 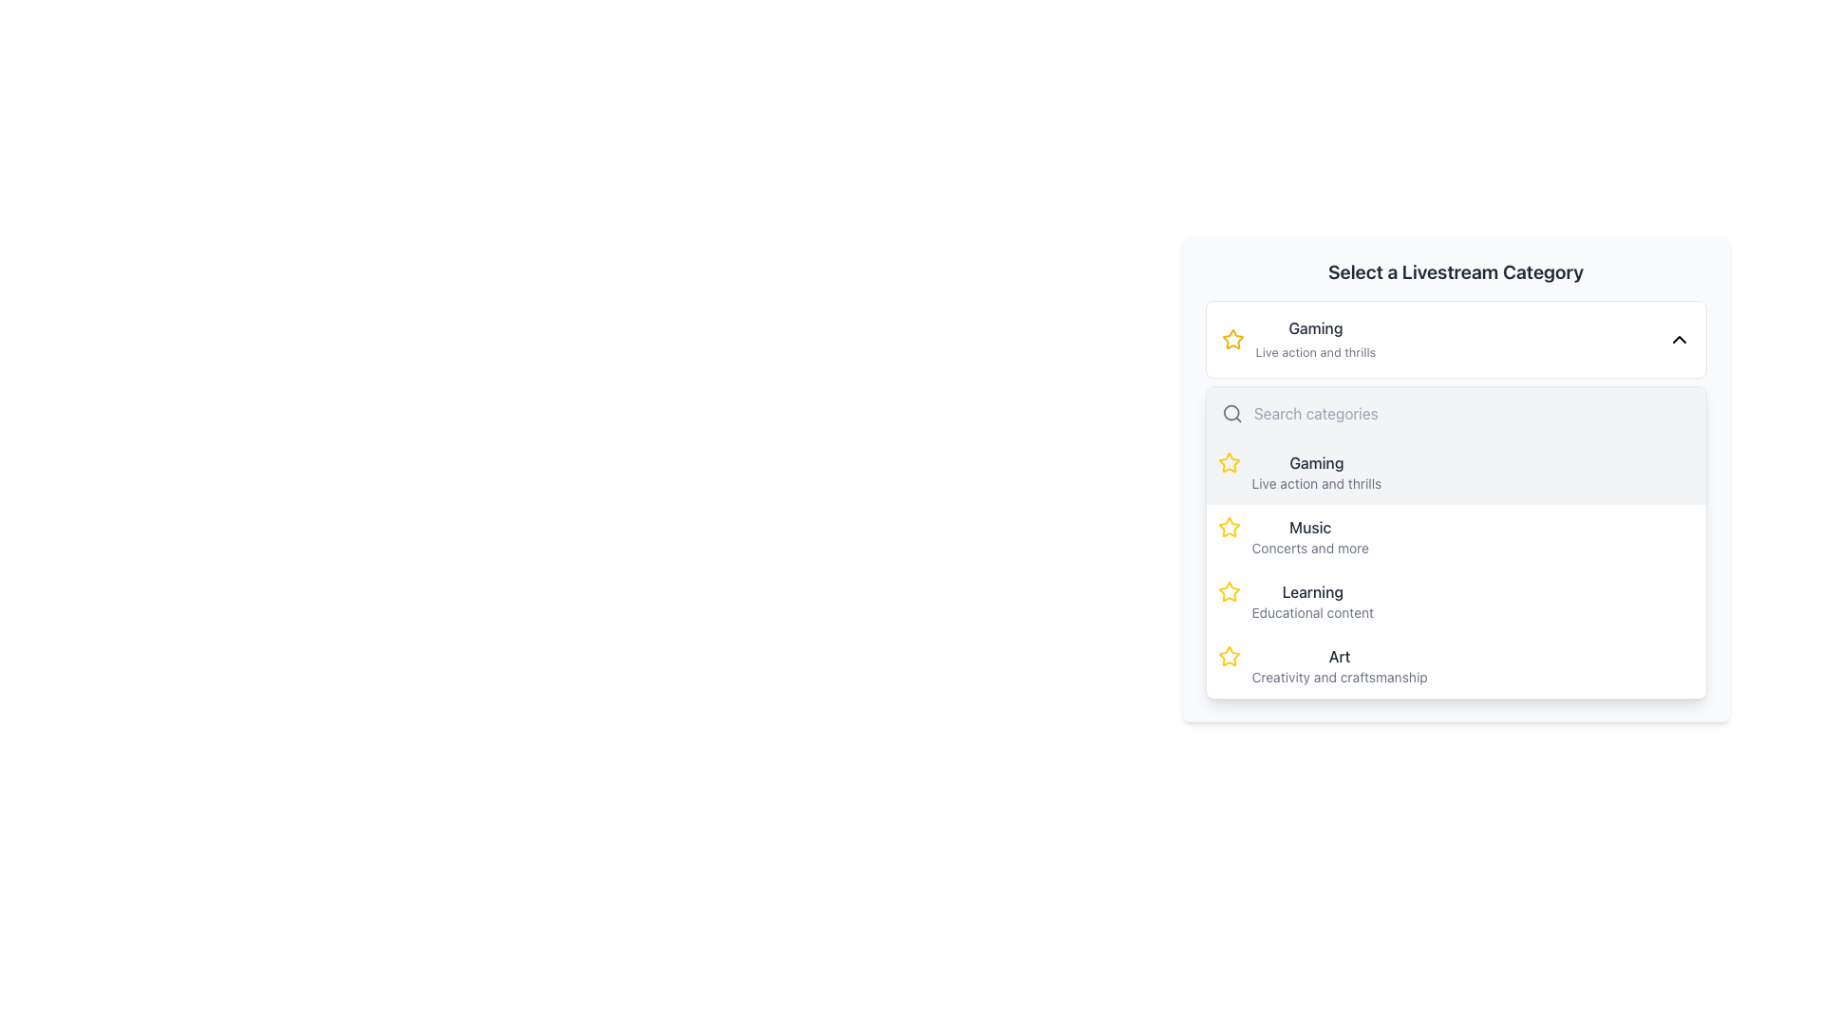 I want to click on the downward-pointing chevron icon representing the dropdown arrow in the top-right corner of the 'GamingLive action and thrills' dropdown selection box, so click(x=1679, y=339).